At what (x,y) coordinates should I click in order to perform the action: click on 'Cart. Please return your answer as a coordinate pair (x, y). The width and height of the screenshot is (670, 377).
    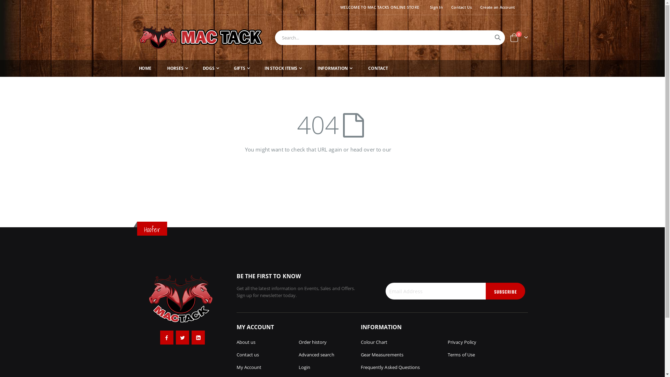
    Looking at the image, I should click on (519, 37).